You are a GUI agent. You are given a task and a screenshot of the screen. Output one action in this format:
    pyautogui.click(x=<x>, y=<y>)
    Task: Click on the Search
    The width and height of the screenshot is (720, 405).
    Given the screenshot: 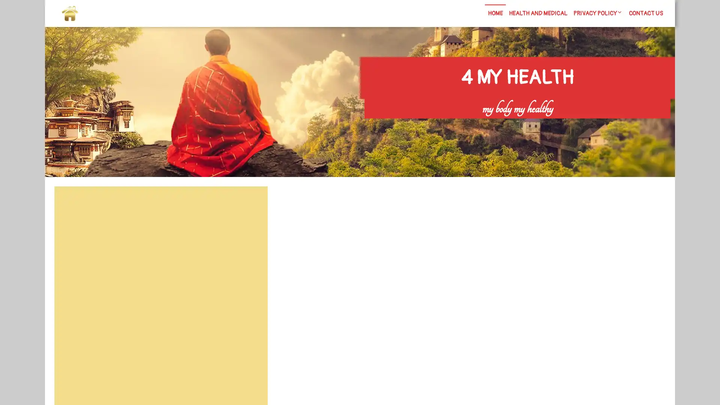 What is the action you would take?
    pyautogui.click(x=584, y=123)
    